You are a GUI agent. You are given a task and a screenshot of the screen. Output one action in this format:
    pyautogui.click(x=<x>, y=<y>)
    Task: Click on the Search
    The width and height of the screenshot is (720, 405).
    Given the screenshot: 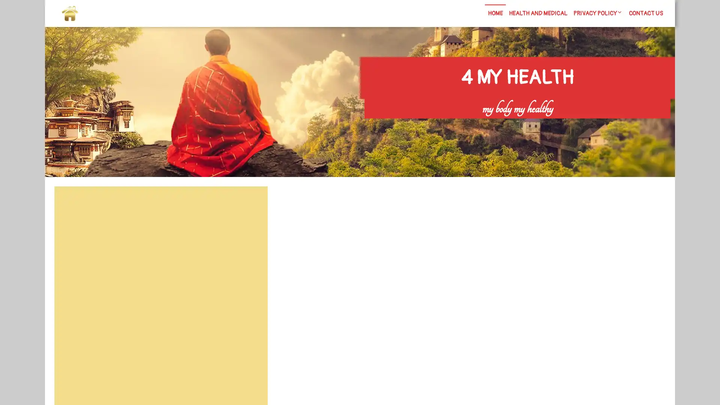 What is the action you would take?
    pyautogui.click(x=584, y=123)
    